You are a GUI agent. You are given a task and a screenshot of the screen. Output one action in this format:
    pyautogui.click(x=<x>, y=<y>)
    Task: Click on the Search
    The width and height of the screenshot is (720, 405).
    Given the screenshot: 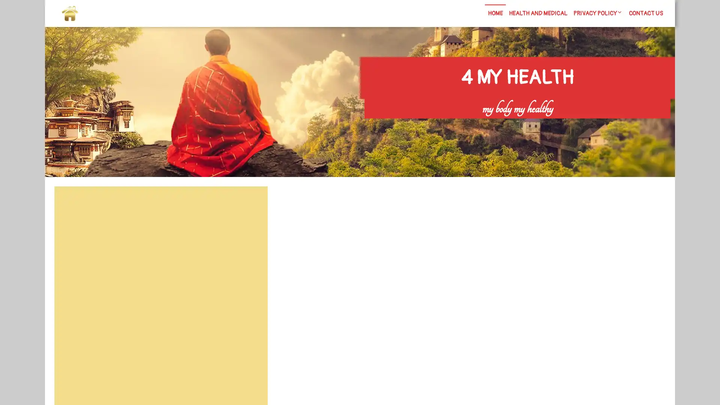 What is the action you would take?
    pyautogui.click(x=584, y=123)
    